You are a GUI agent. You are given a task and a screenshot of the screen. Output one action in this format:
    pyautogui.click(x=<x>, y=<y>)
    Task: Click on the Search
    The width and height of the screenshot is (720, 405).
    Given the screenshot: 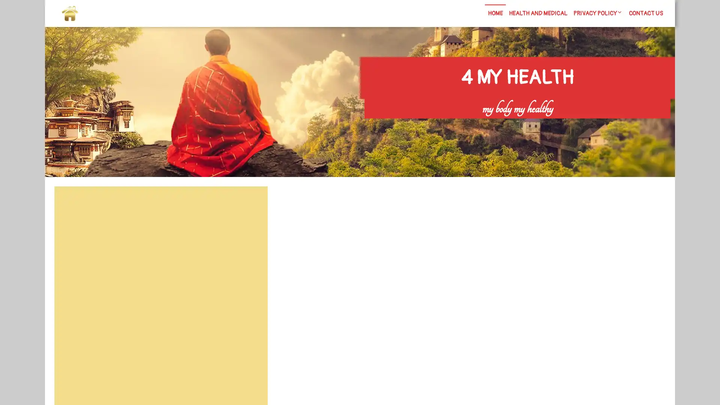 What is the action you would take?
    pyautogui.click(x=584, y=123)
    